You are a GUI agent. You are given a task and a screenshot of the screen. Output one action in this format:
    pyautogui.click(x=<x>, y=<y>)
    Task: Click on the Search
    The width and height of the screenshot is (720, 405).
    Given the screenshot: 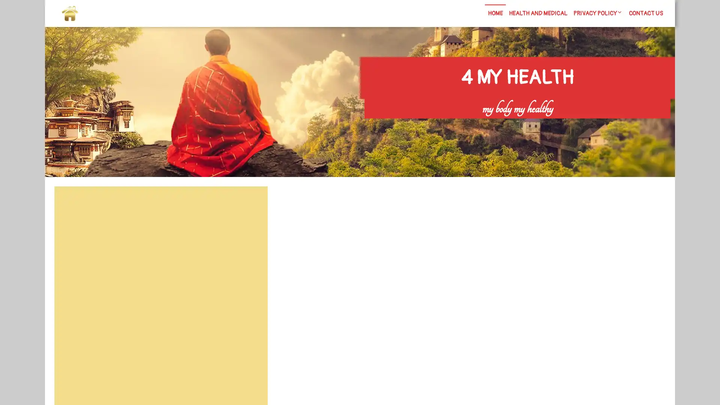 What is the action you would take?
    pyautogui.click(x=584, y=123)
    